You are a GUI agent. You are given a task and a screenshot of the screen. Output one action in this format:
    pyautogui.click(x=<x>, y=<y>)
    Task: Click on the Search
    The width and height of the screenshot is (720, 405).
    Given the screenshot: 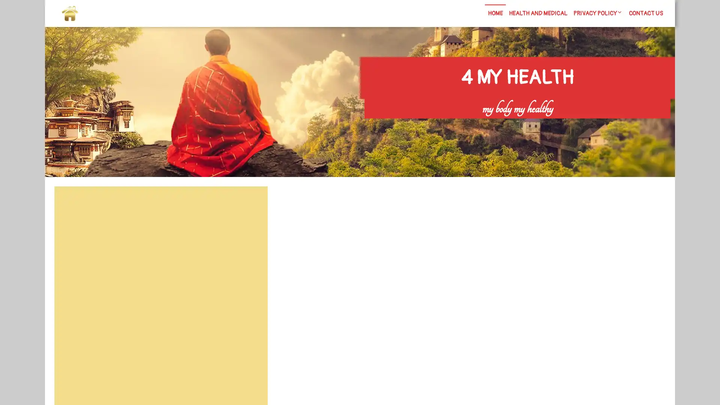 What is the action you would take?
    pyautogui.click(x=584, y=123)
    